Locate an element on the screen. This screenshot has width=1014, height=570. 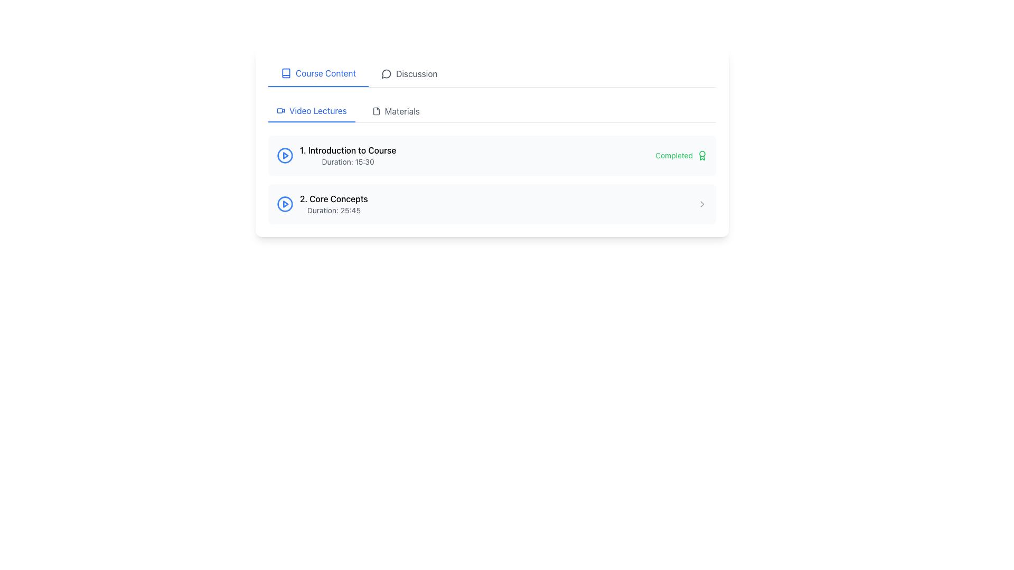
the 'Discussion' Tab Navigation Button, which features a speech bubble icon and is styled in gray is located at coordinates (409, 73).